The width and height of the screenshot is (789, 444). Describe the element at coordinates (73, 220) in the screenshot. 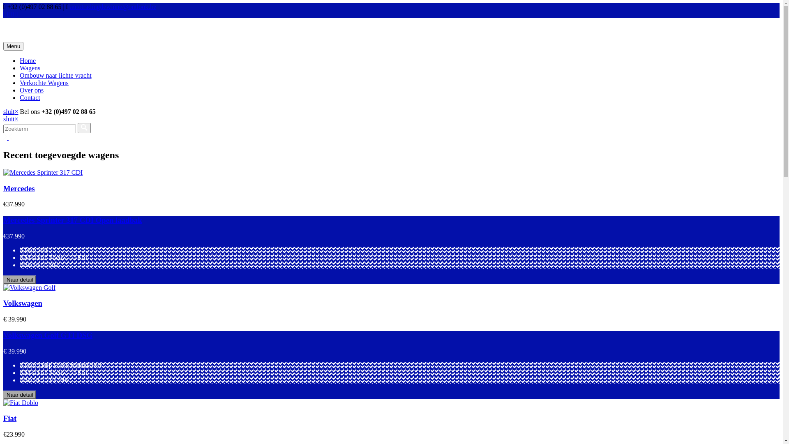

I see `'Mercedes Sprinter 317 CDI Open laadbak'` at that location.